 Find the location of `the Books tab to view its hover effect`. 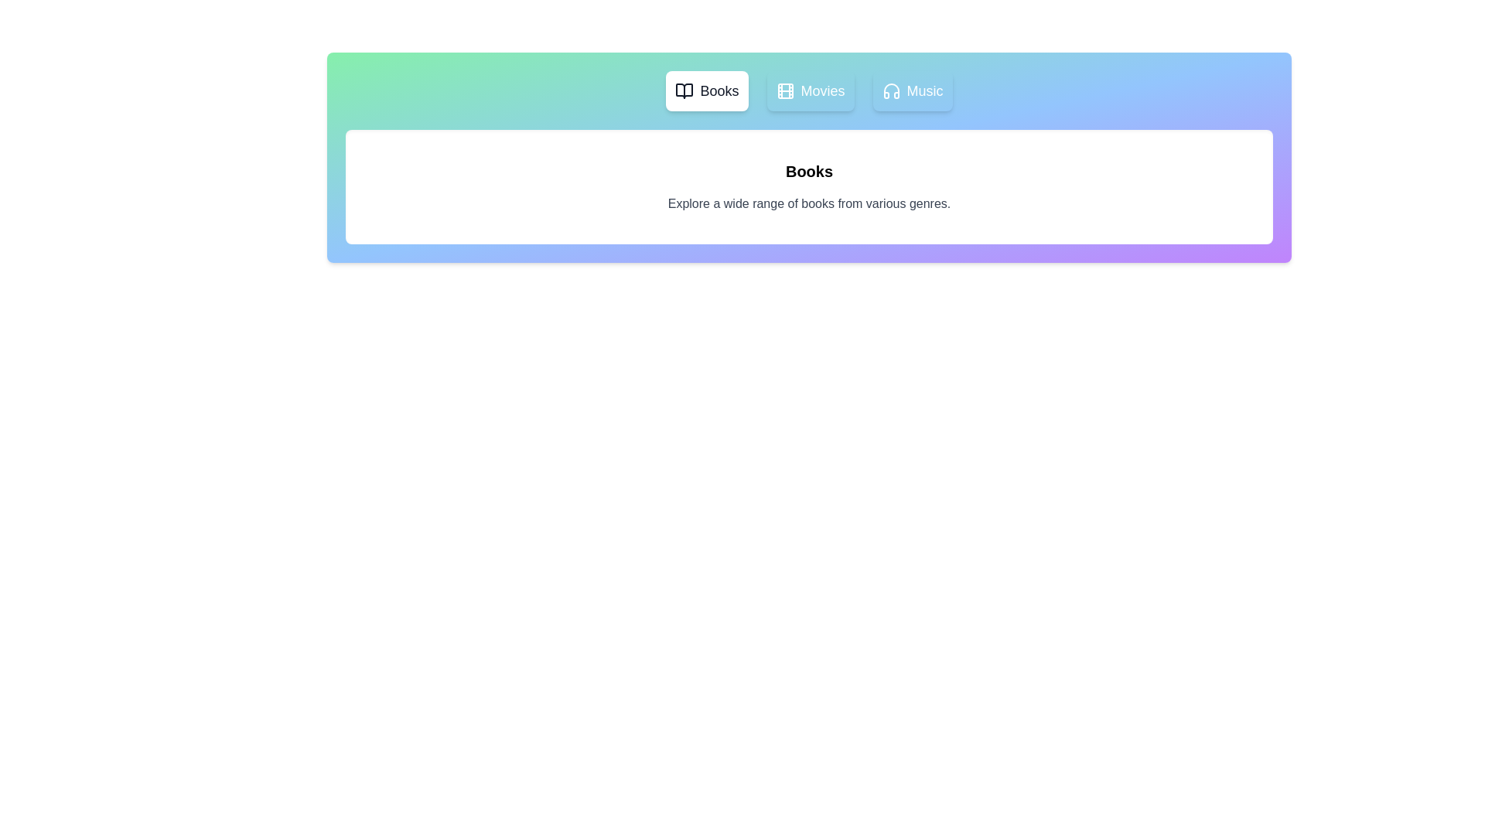

the Books tab to view its hover effect is located at coordinates (705, 91).